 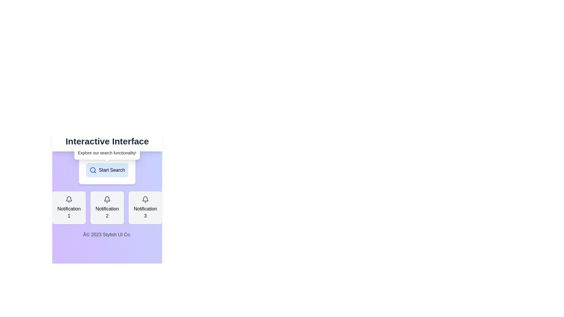 I want to click on the bell icon with a dark gray outline located in the center card of a three-card layout, positioned above the label 'Notification 2', so click(x=107, y=199).